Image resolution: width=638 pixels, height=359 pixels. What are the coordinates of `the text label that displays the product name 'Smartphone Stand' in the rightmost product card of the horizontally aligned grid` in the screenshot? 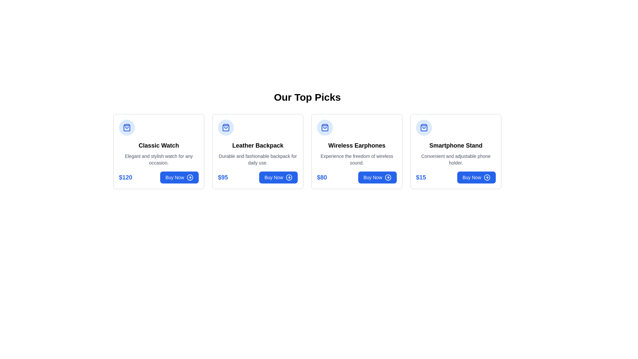 It's located at (456, 145).